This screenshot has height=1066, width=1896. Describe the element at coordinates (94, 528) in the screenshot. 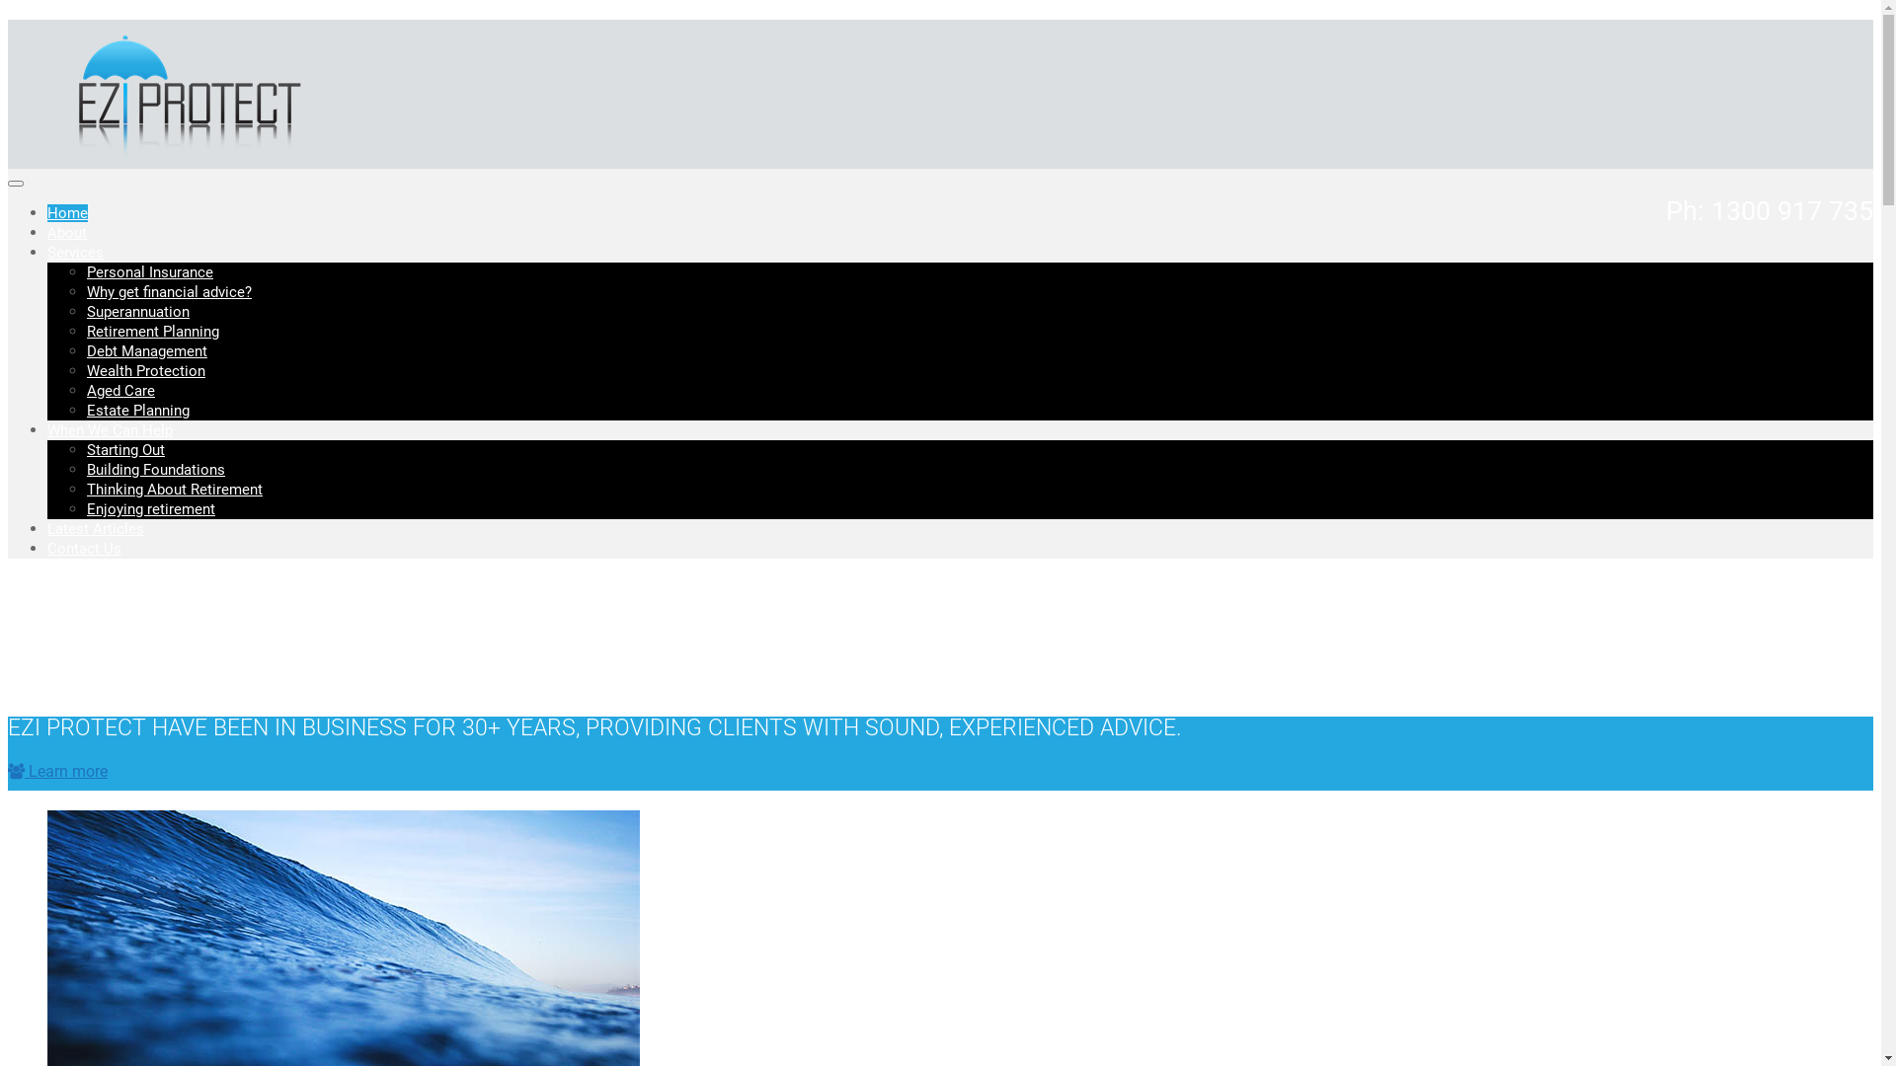

I see `'Latest Articles'` at that location.